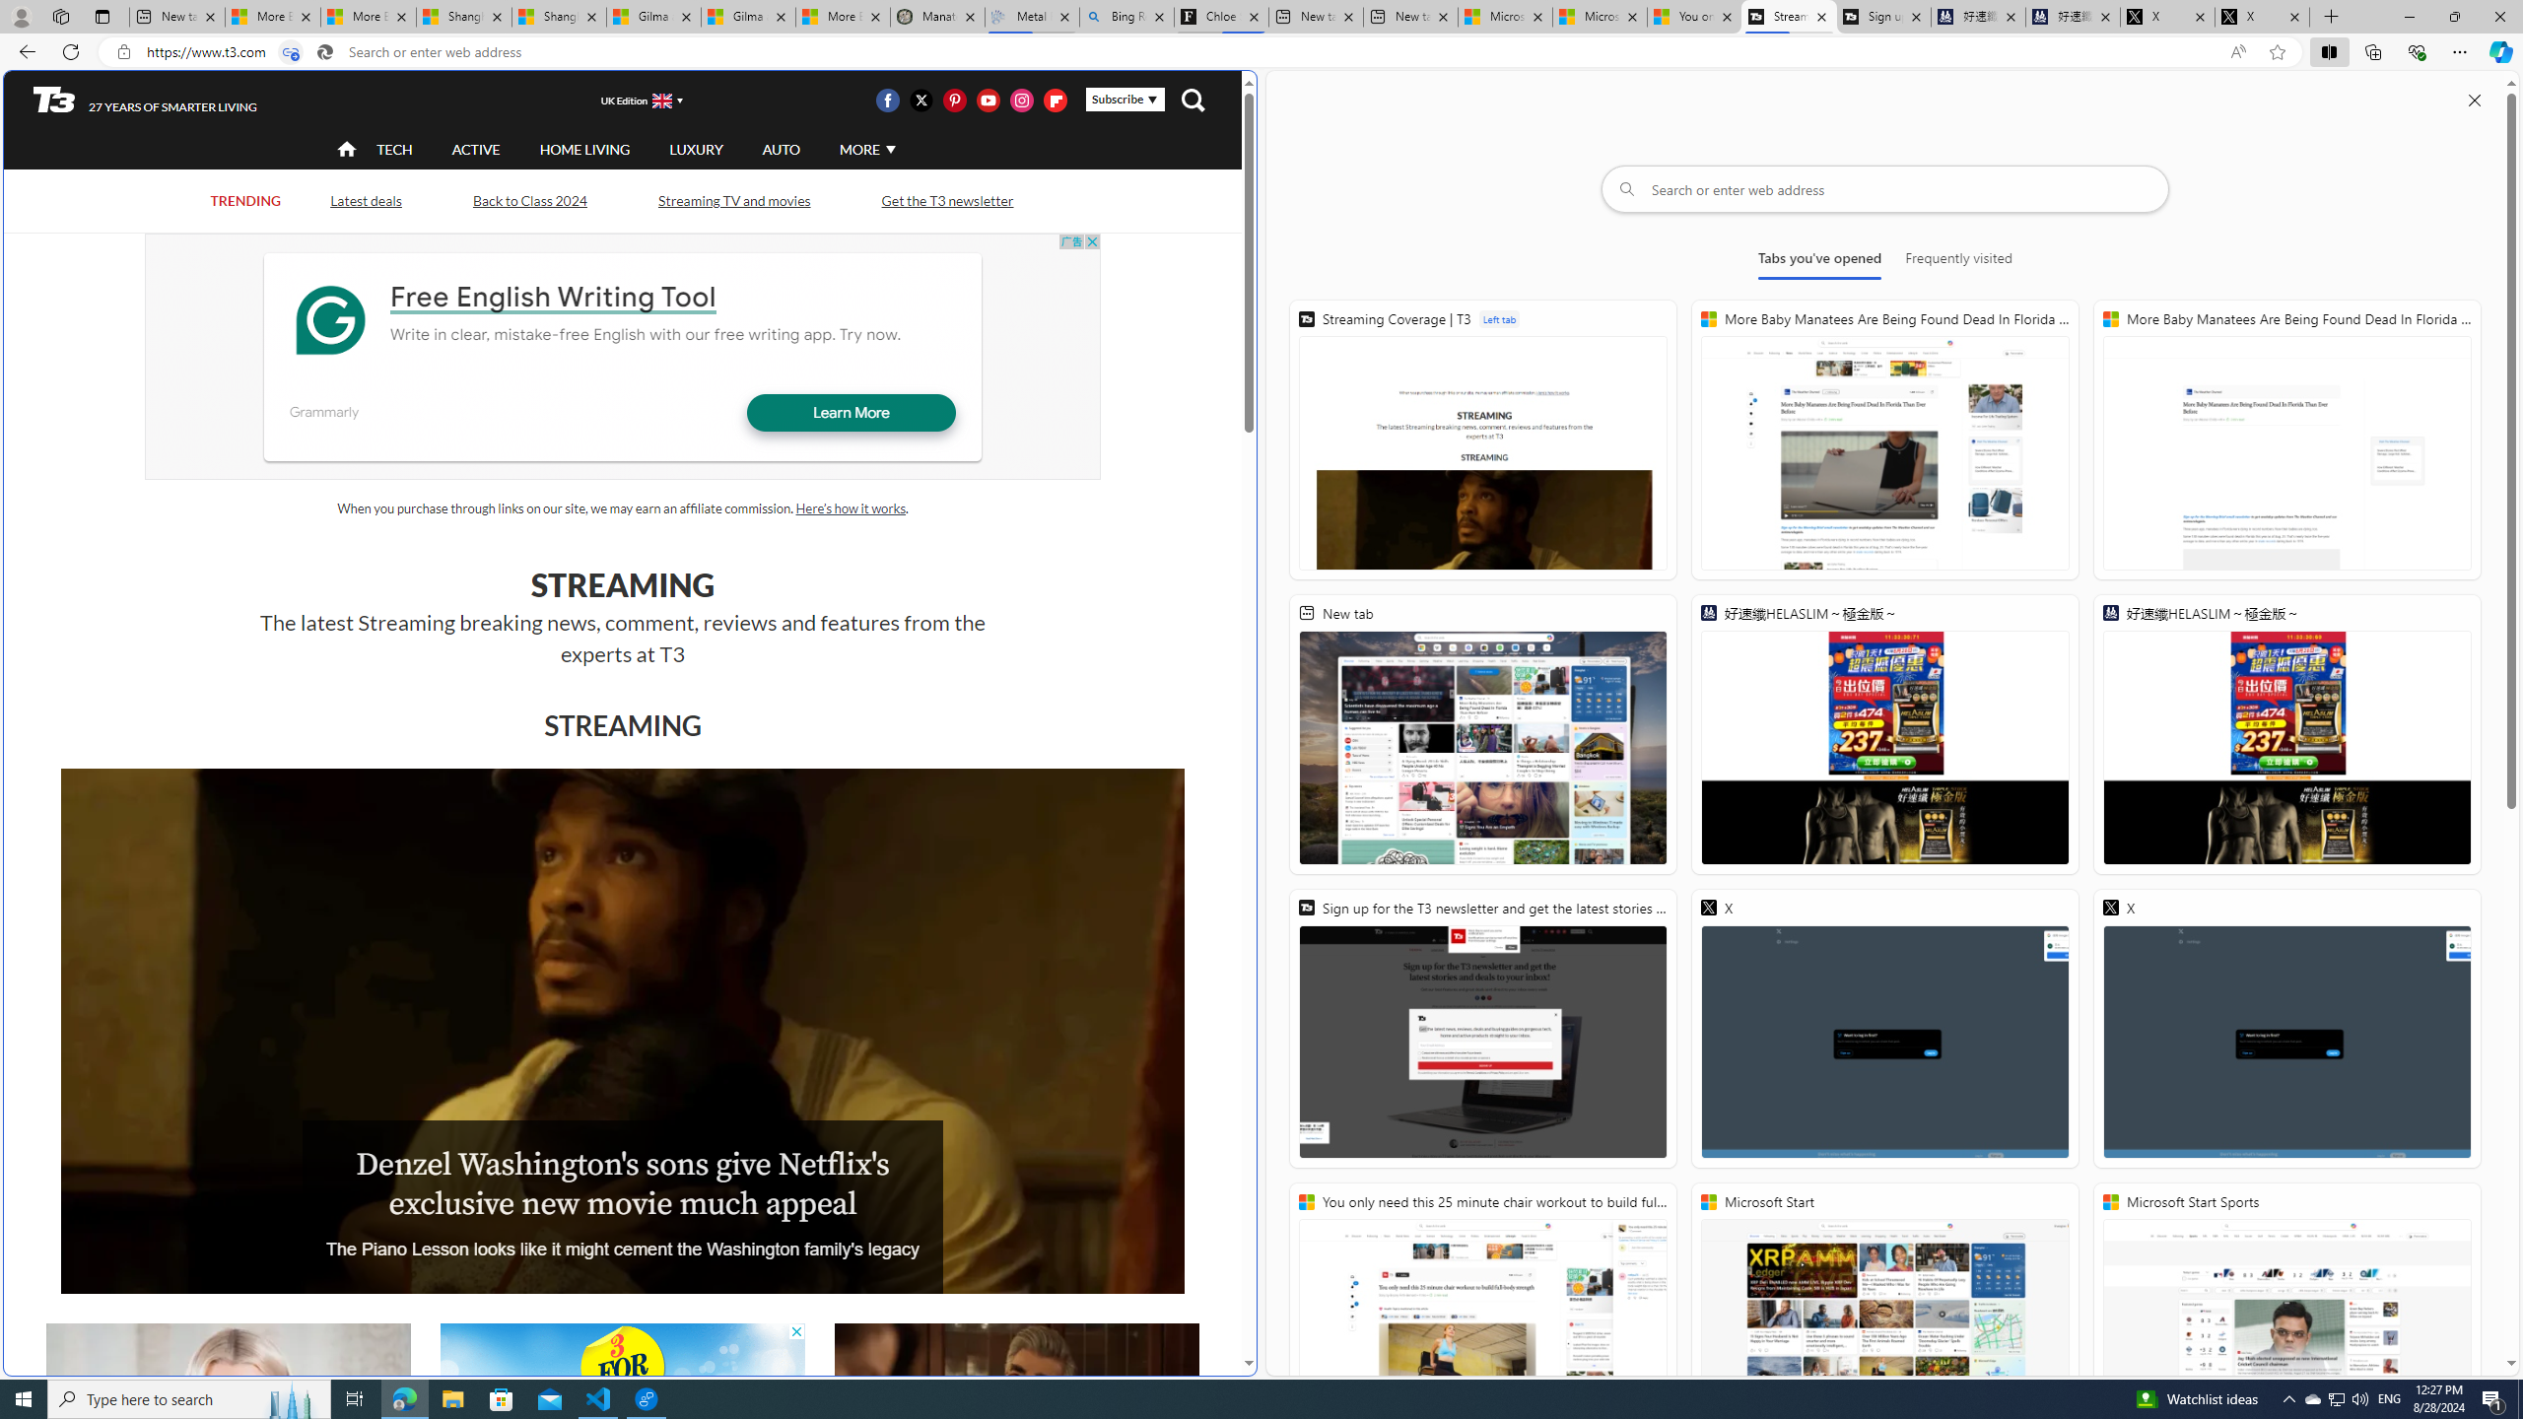  I want to click on 'Streaming Coverage | T3', so click(1482, 439).